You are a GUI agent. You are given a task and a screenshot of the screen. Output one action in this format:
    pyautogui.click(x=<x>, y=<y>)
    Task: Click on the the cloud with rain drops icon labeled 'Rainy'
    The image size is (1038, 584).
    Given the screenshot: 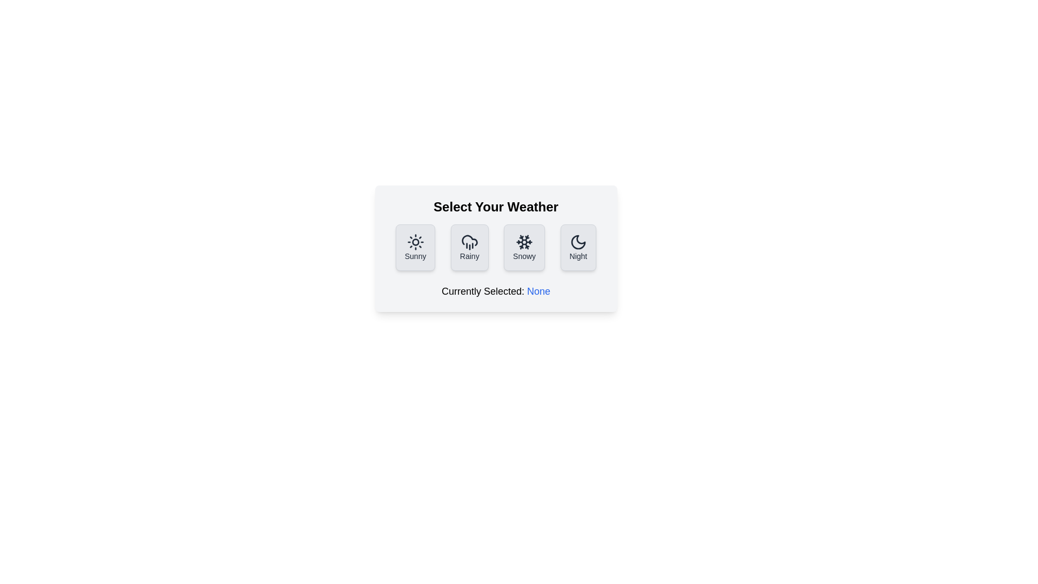 What is the action you would take?
    pyautogui.click(x=469, y=241)
    